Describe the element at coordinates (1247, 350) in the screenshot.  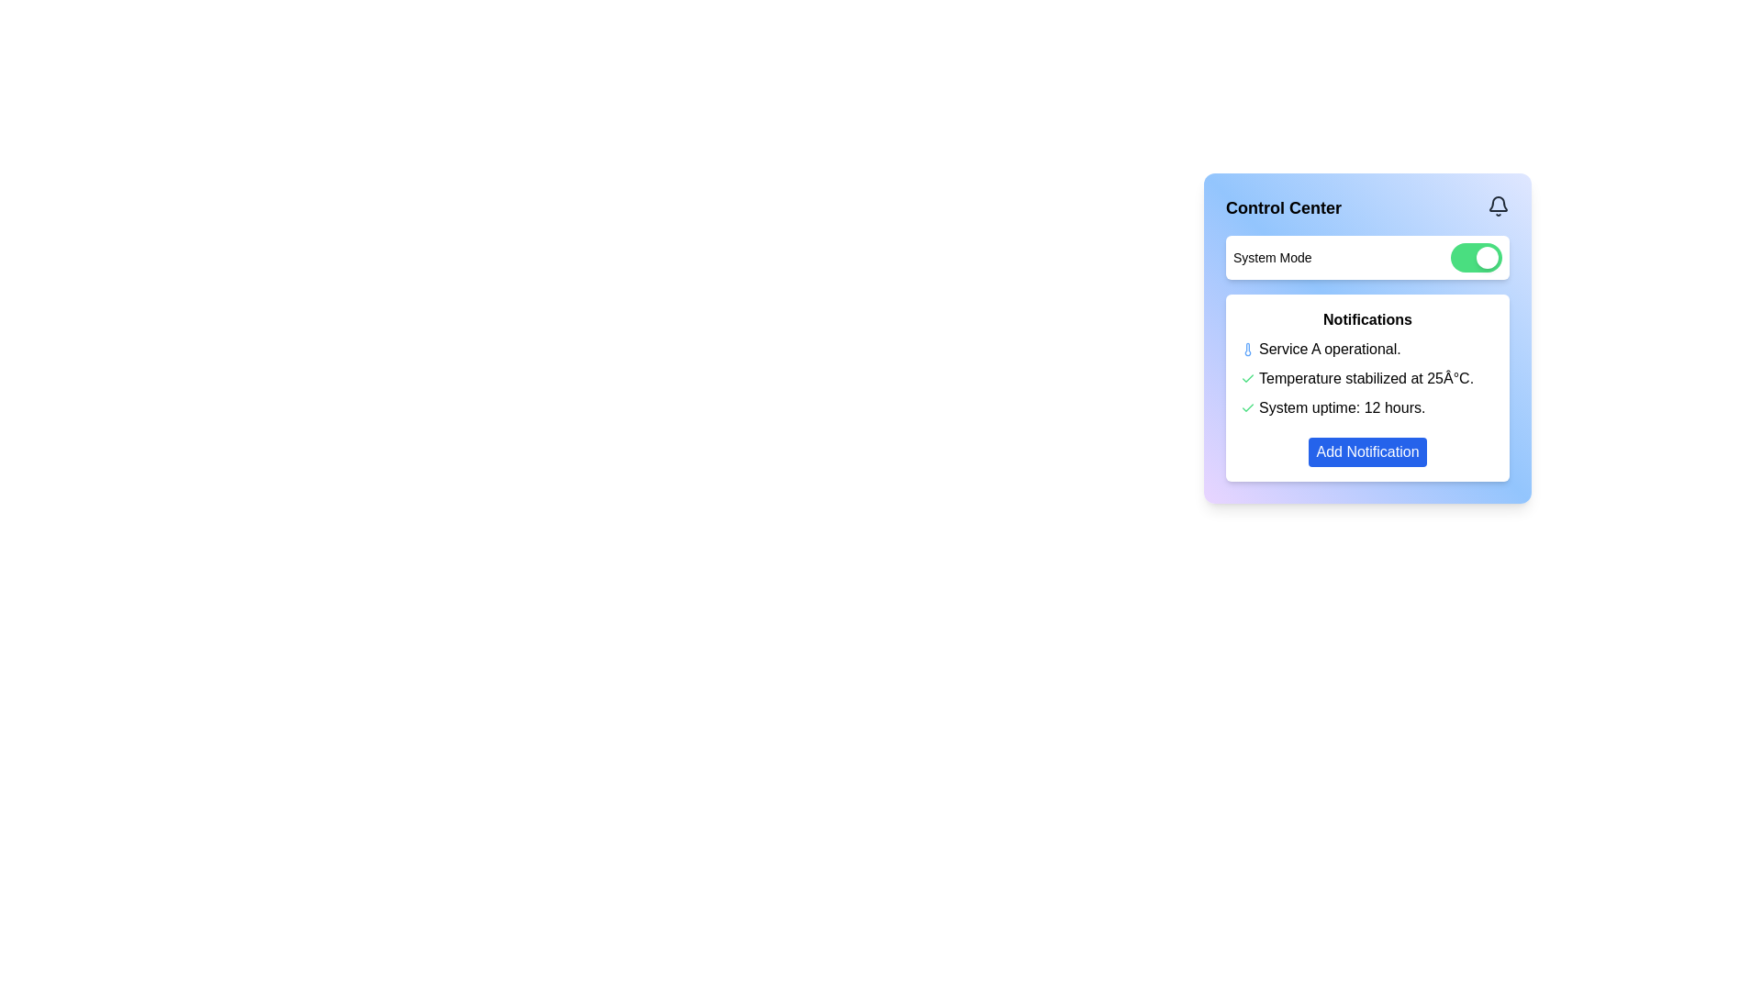
I see `the small blue thermometer-like icon located to the left of the text 'Service A operational.' in the Notifications section` at that location.